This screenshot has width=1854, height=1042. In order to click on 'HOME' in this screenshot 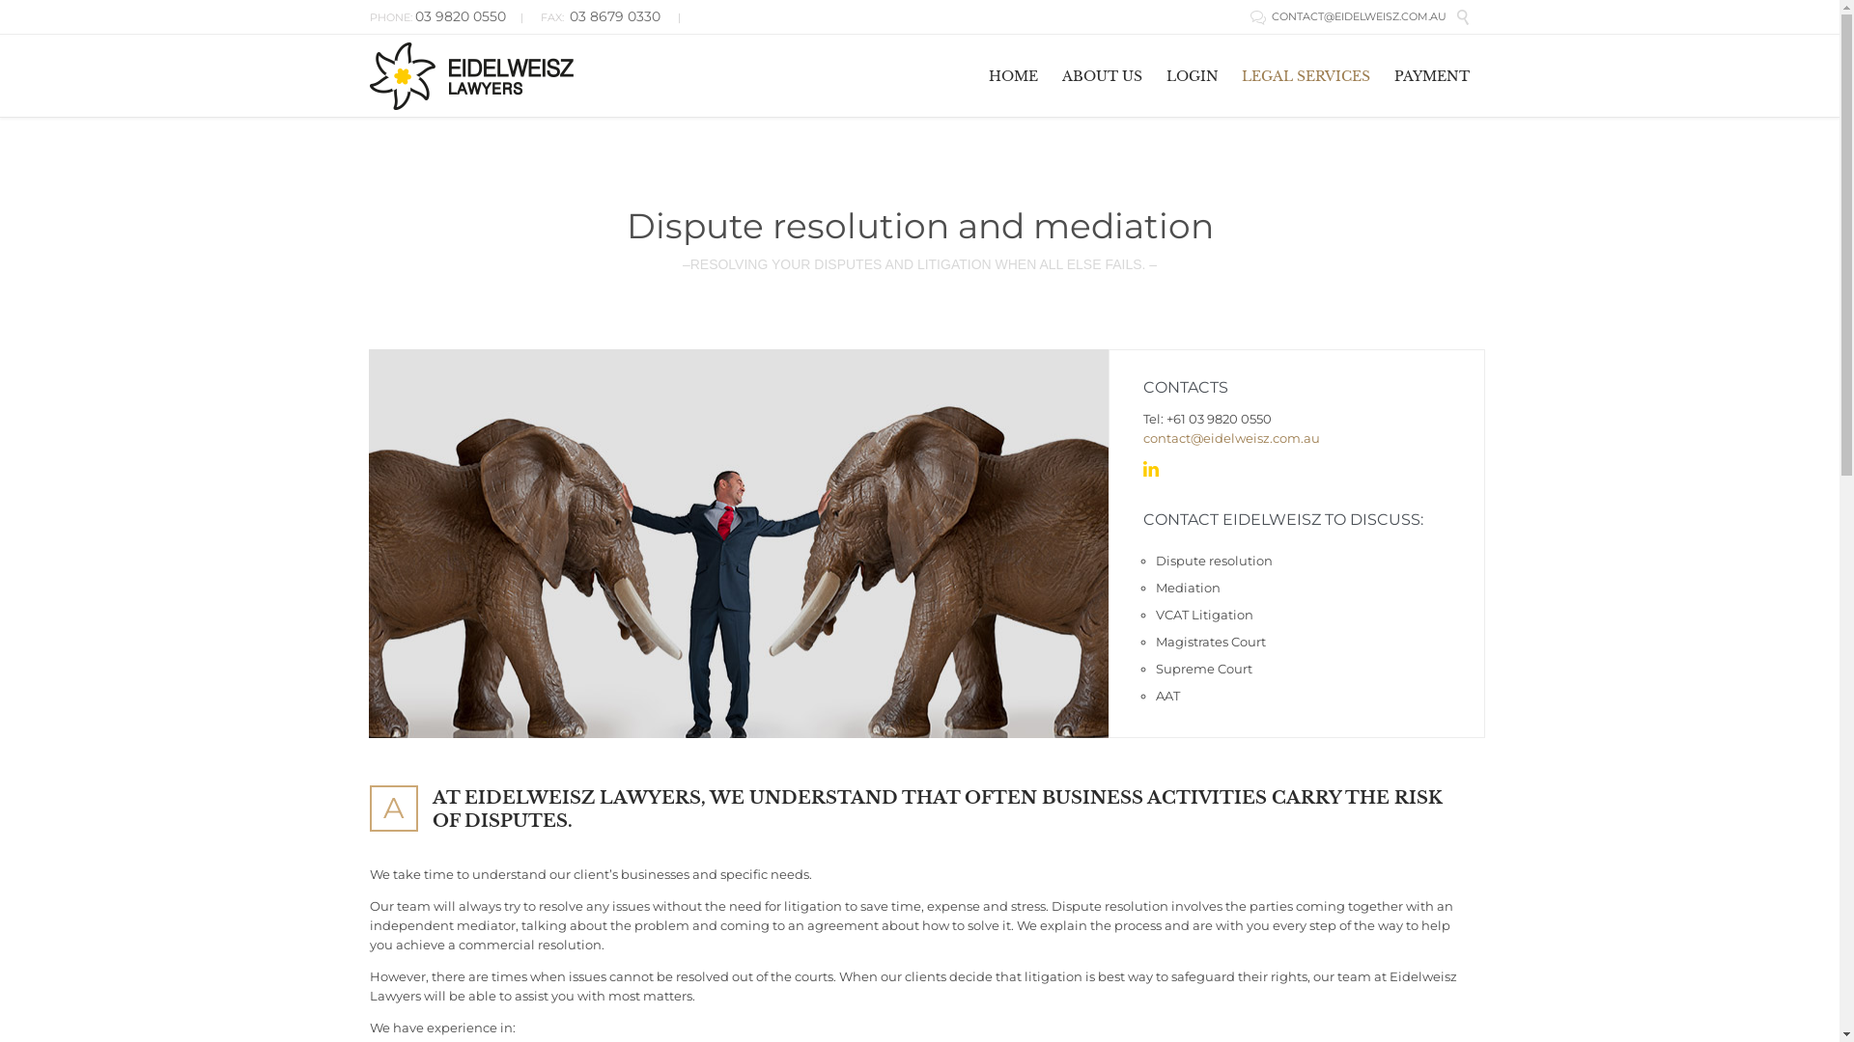, I will do `click(1013, 73)`.